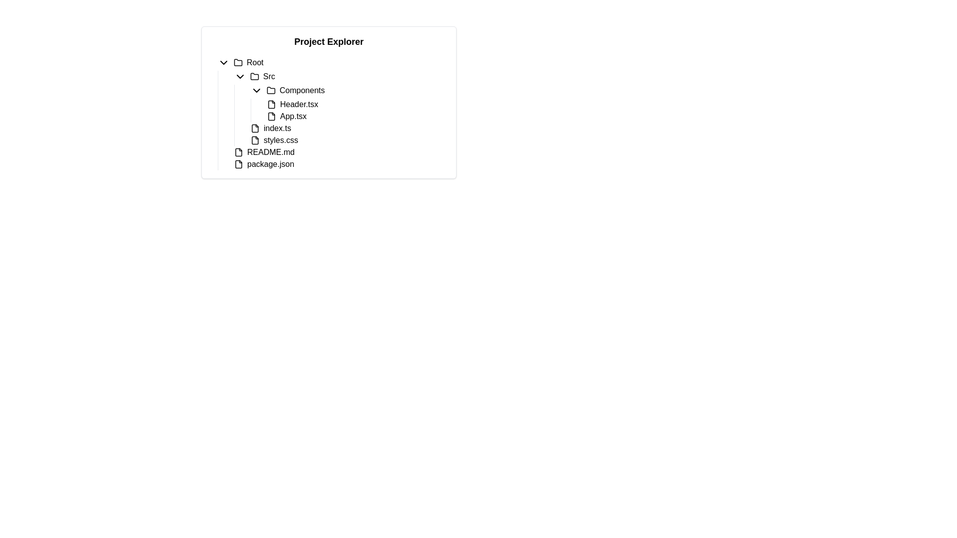 This screenshot has height=538, width=957. What do you see at coordinates (332, 63) in the screenshot?
I see `the 'Root' folder row in the project explorer tree view` at bounding box center [332, 63].